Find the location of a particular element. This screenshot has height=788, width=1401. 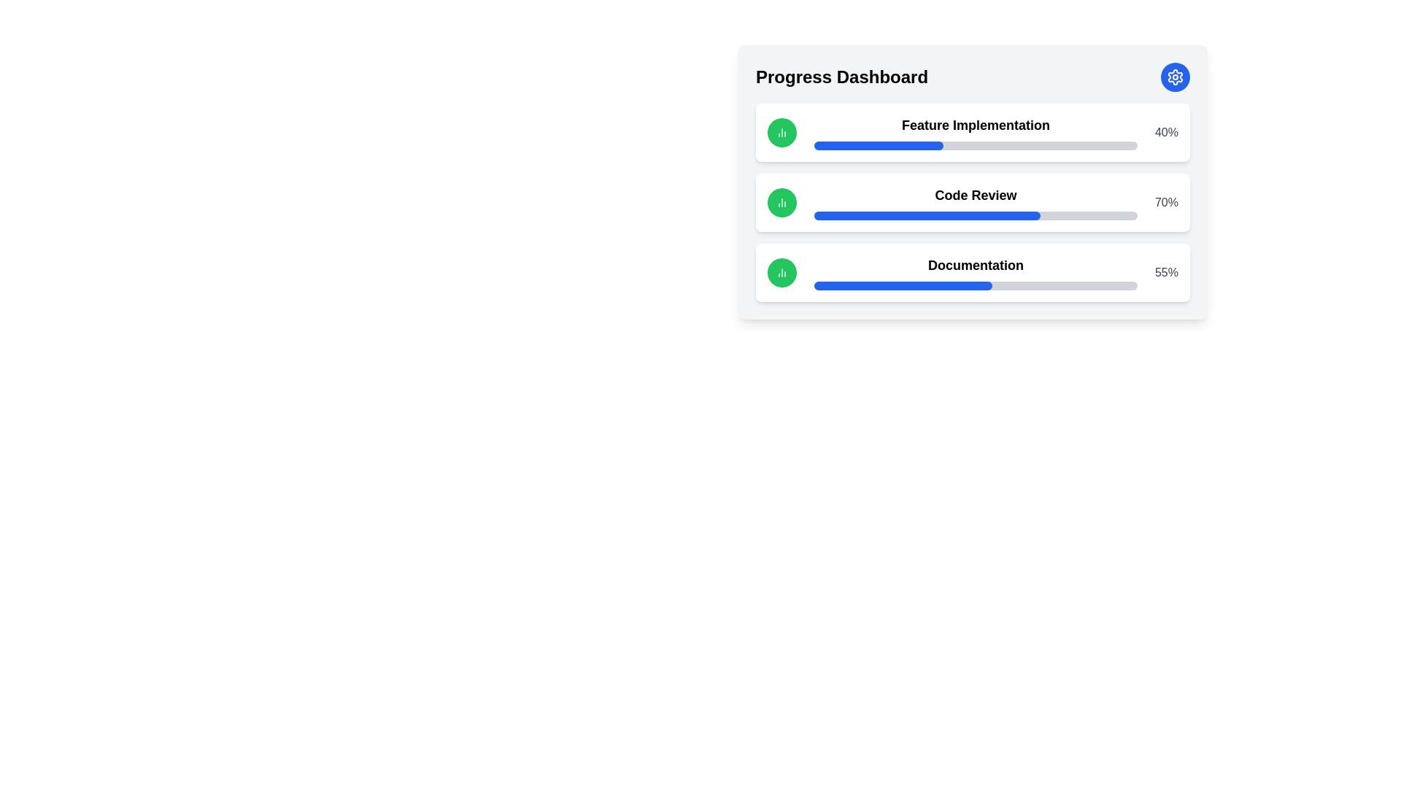

the progress bar indicating 70% completion in the 'Code Review' section, positioned beneath the 'Code Review' label and above the percentage indicator is located at coordinates (976, 216).